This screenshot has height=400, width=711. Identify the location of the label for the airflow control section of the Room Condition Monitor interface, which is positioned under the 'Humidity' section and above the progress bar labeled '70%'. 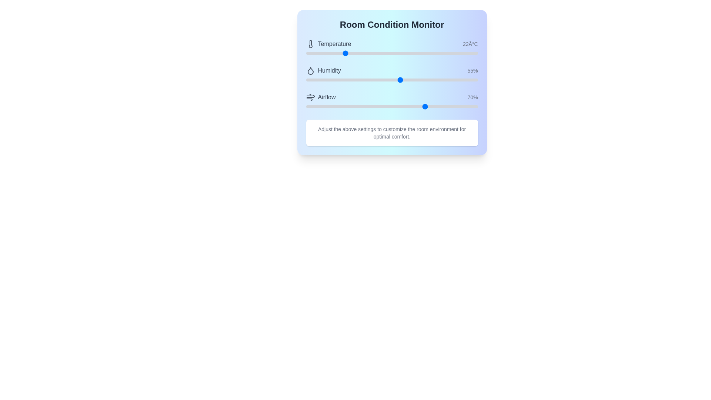
(321, 97).